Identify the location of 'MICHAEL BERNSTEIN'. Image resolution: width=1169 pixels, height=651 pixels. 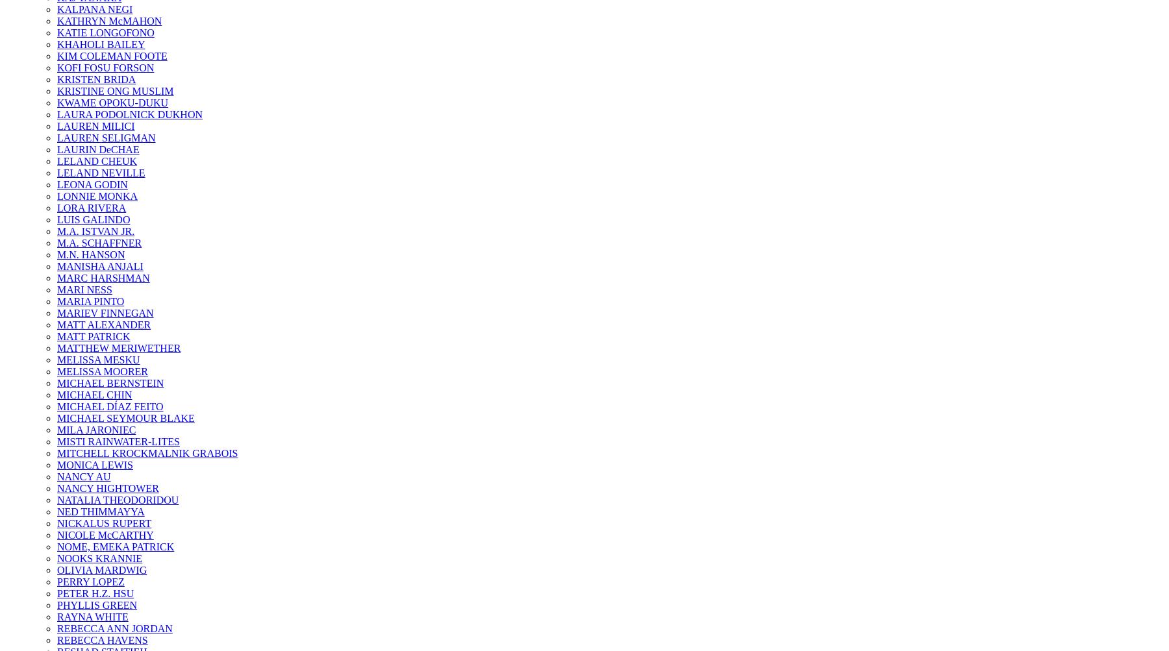
(110, 382).